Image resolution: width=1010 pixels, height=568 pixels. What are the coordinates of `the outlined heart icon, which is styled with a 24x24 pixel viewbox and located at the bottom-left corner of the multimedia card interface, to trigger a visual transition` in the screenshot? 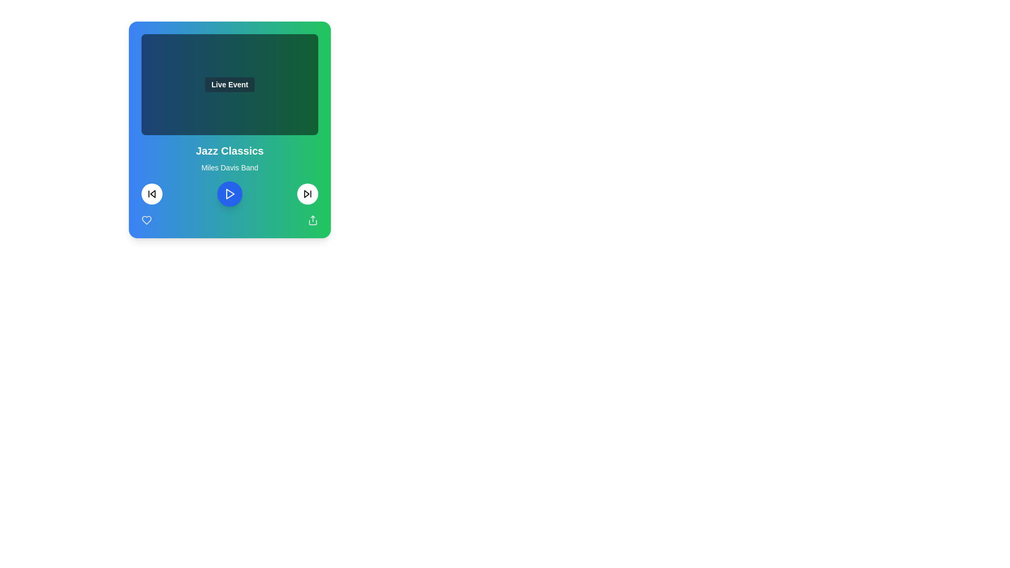 It's located at (146, 220).